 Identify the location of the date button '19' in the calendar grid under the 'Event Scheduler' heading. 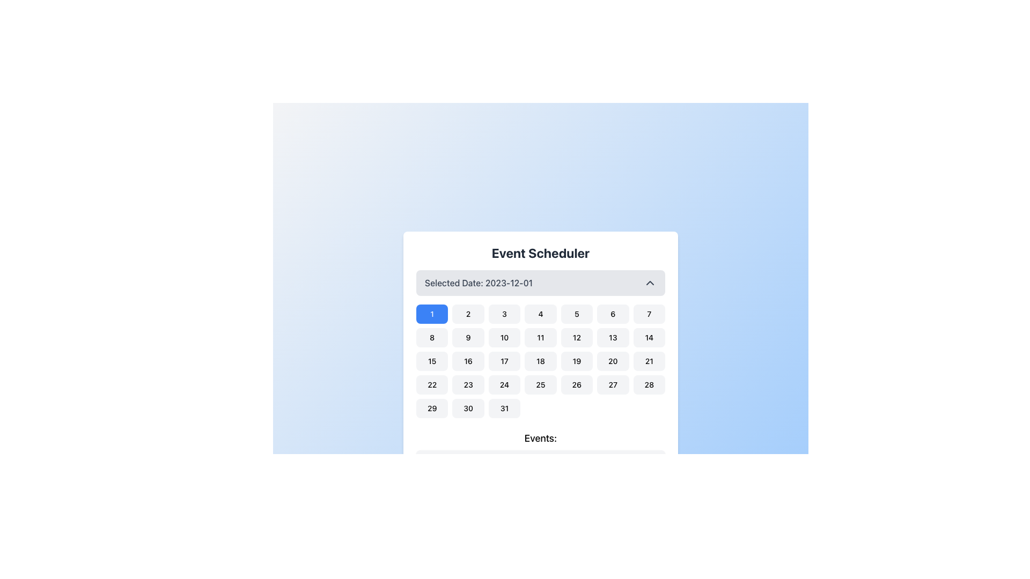
(576, 361).